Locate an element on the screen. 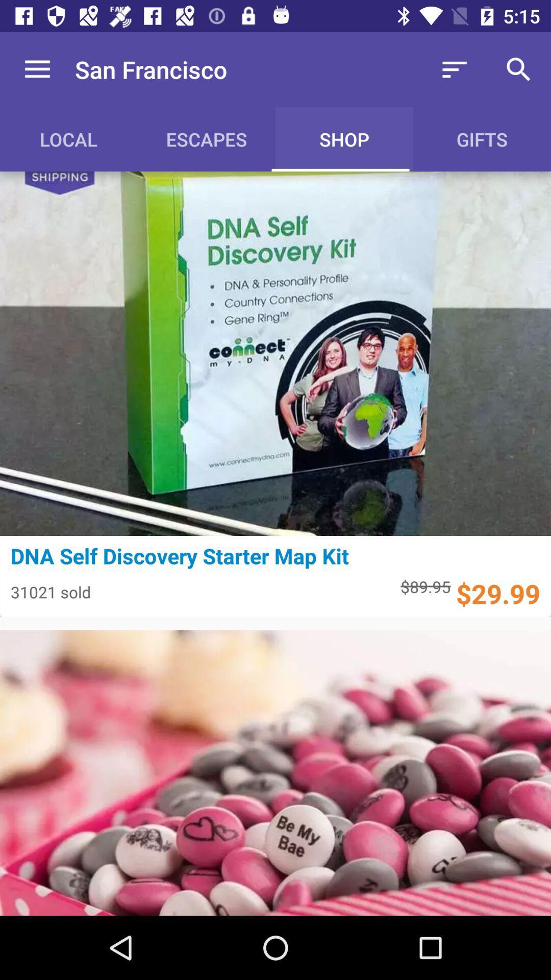 The width and height of the screenshot is (551, 980). the icon to the right of san francisco icon is located at coordinates (454, 69).